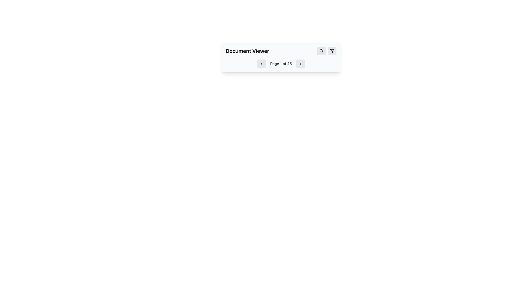 The width and height of the screenshot is (511, 287). Describe the element at coordinates (321, 51) in the screenshot. I see `the search button located` at that location.